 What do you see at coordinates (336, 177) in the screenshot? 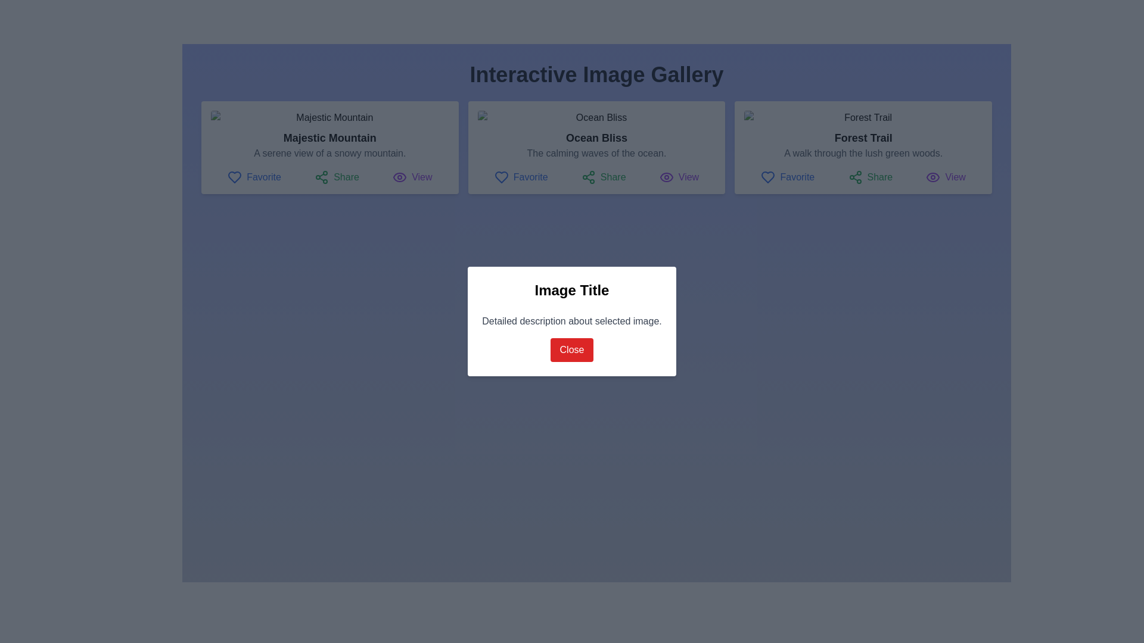
I see `the 'Share' button located between the 'Favorite' and 'View' buttons` at bounding box center [336, 177].